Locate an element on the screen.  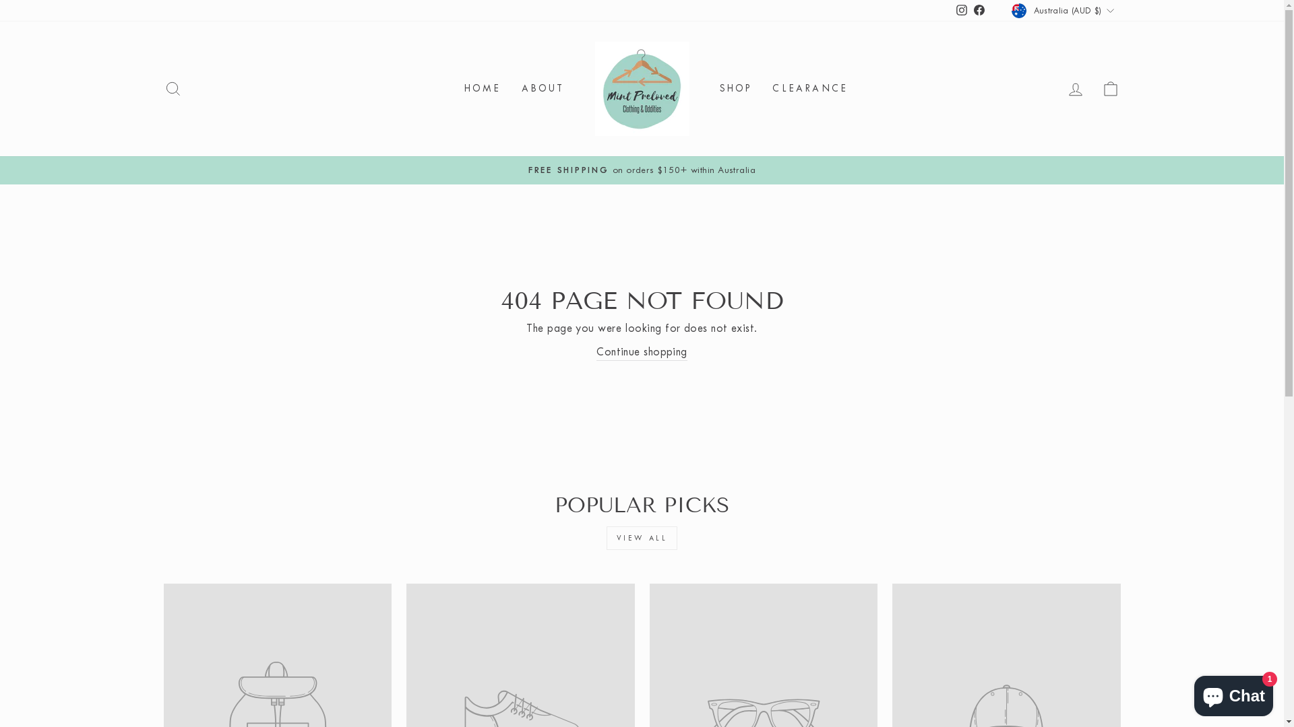
'Instagram' is located at coordinates (960, 10).